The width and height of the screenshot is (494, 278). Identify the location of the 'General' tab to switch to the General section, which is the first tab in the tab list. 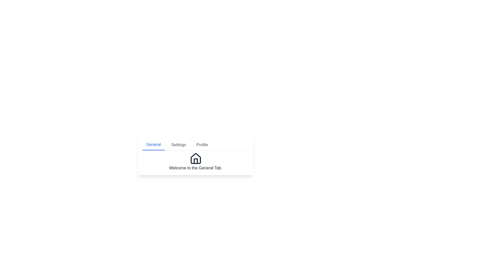
(153, 145).